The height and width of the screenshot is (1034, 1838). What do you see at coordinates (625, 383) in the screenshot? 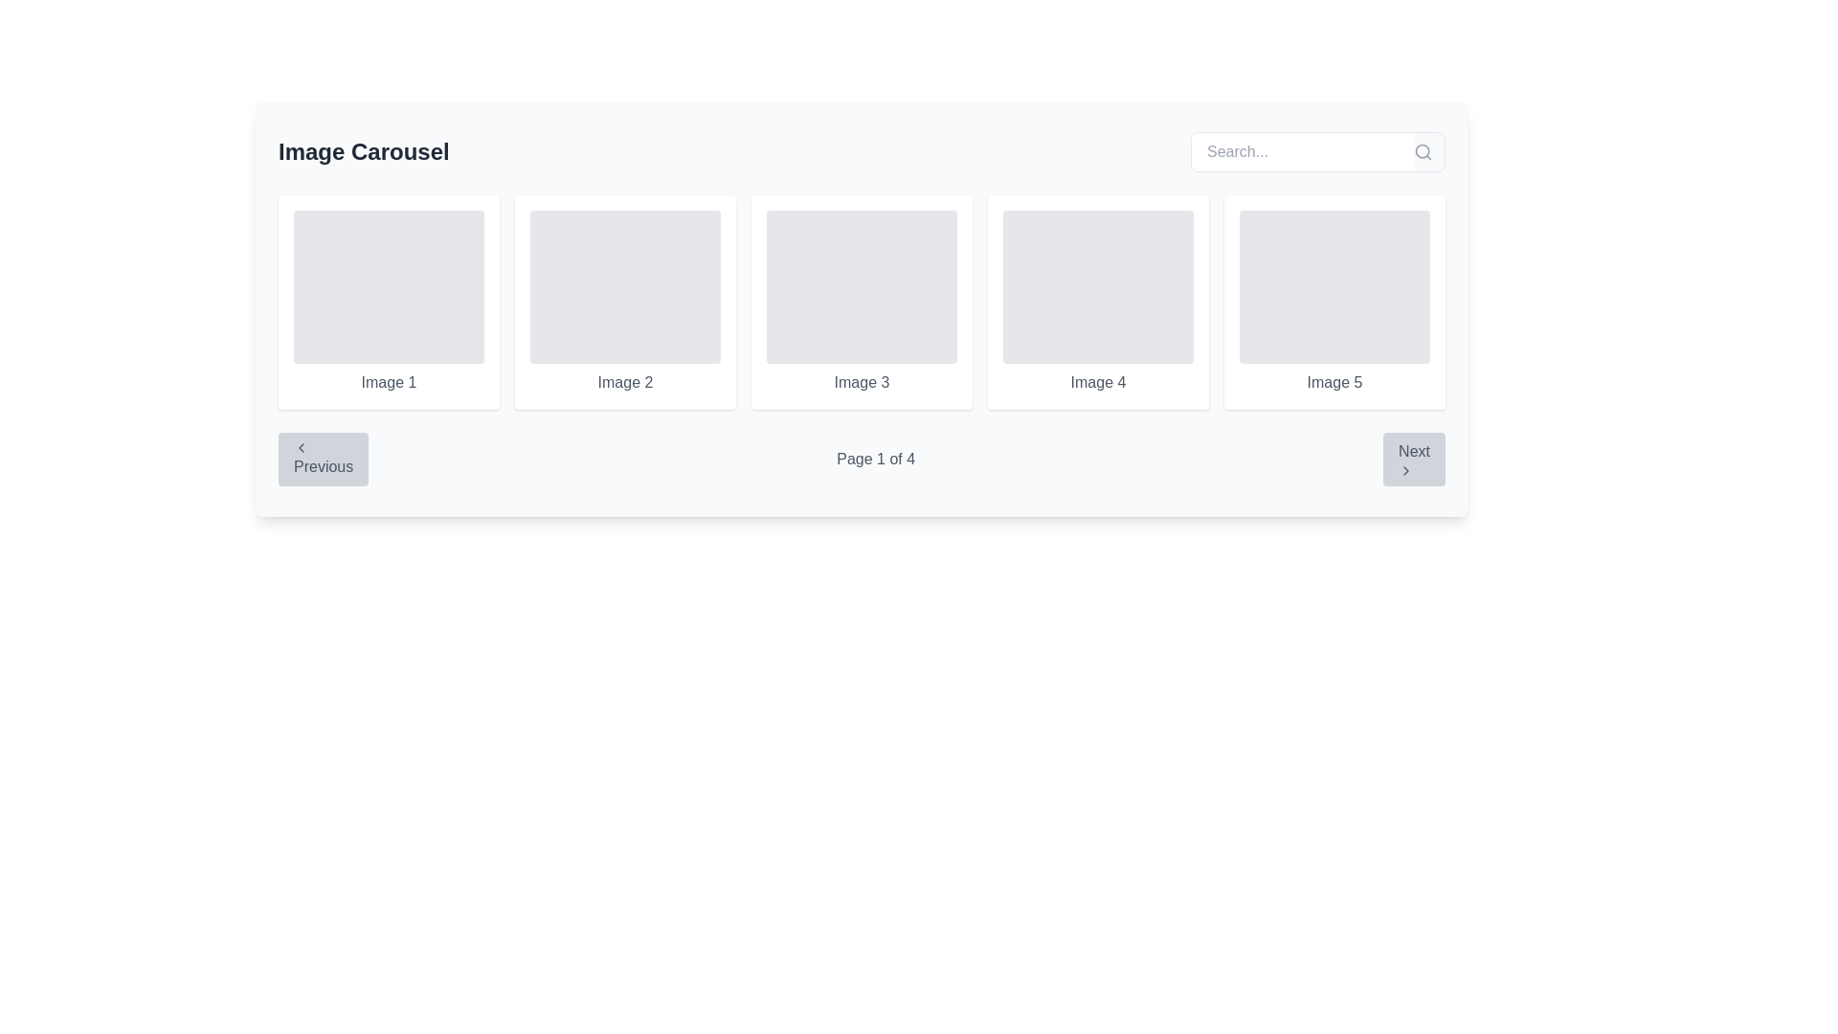
I see `text content of the label positioned below the gray rectangular image in the second slot of the horizontal carousel interface, which is flanked by 'Image 1' and 'Image 3'` at bounding box center [625, 383].